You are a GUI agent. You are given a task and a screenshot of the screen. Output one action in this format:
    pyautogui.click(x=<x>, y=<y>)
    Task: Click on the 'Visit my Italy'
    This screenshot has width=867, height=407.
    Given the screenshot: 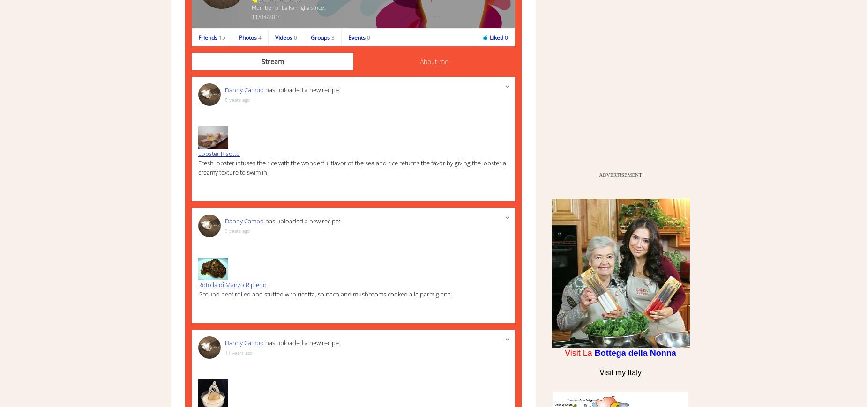 What is the action you would take?
    pyautogui.click(x=620, y=372)
    